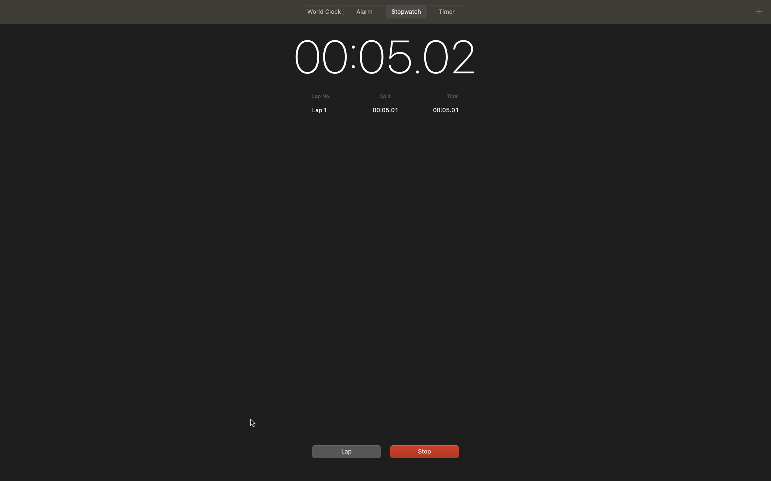 Image resolution: width=771 pixels, height=481 pixels. I want to click on Record a lap timing and afterward, cease the stopwatch, so click(345, 451).